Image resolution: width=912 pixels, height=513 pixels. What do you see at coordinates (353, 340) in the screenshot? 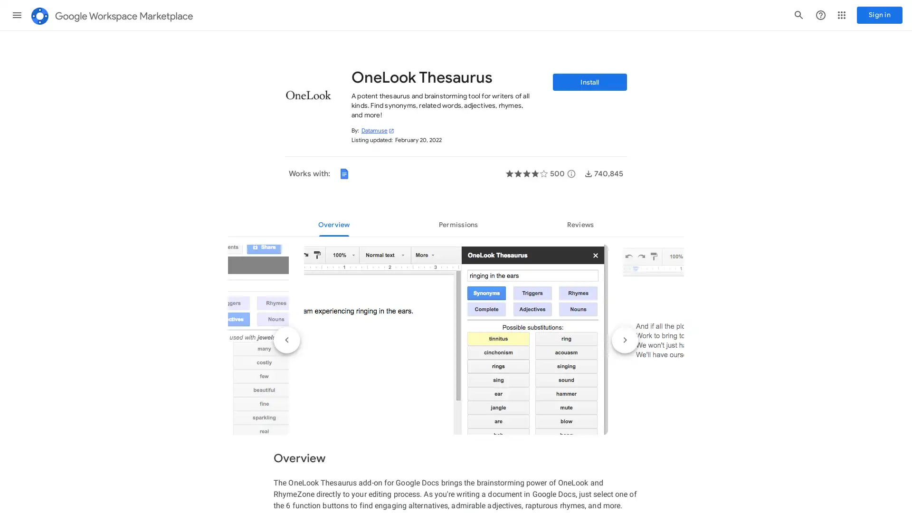
I see `Previous` at bounding box center [353, 340].